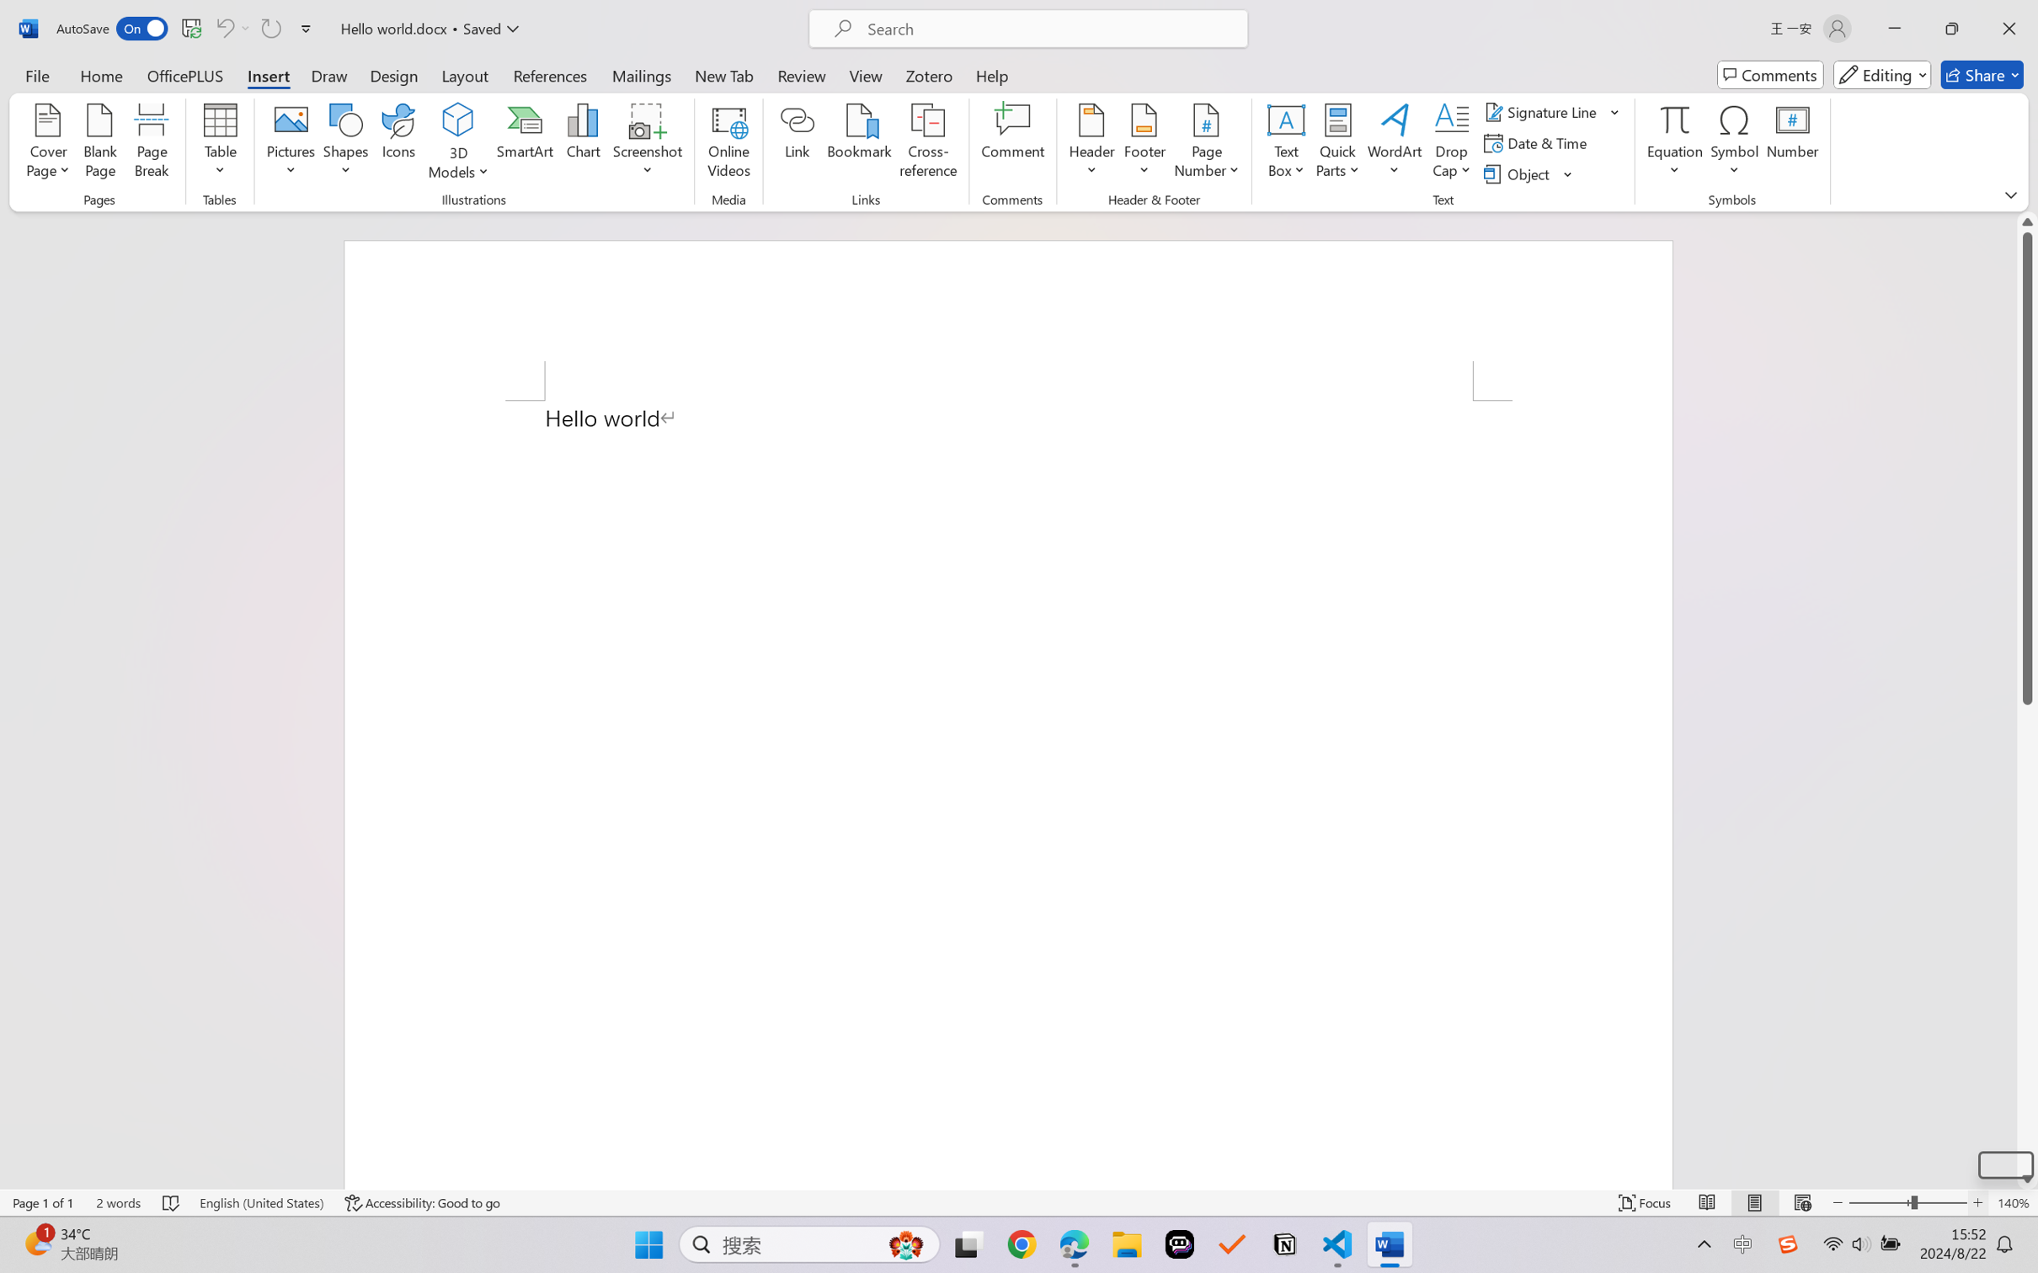 This screenshot has height=1273, width=2038. Describe the element at coordinates (1977, 1202) in the screenshot. I see `'Zoom In'` at that location.